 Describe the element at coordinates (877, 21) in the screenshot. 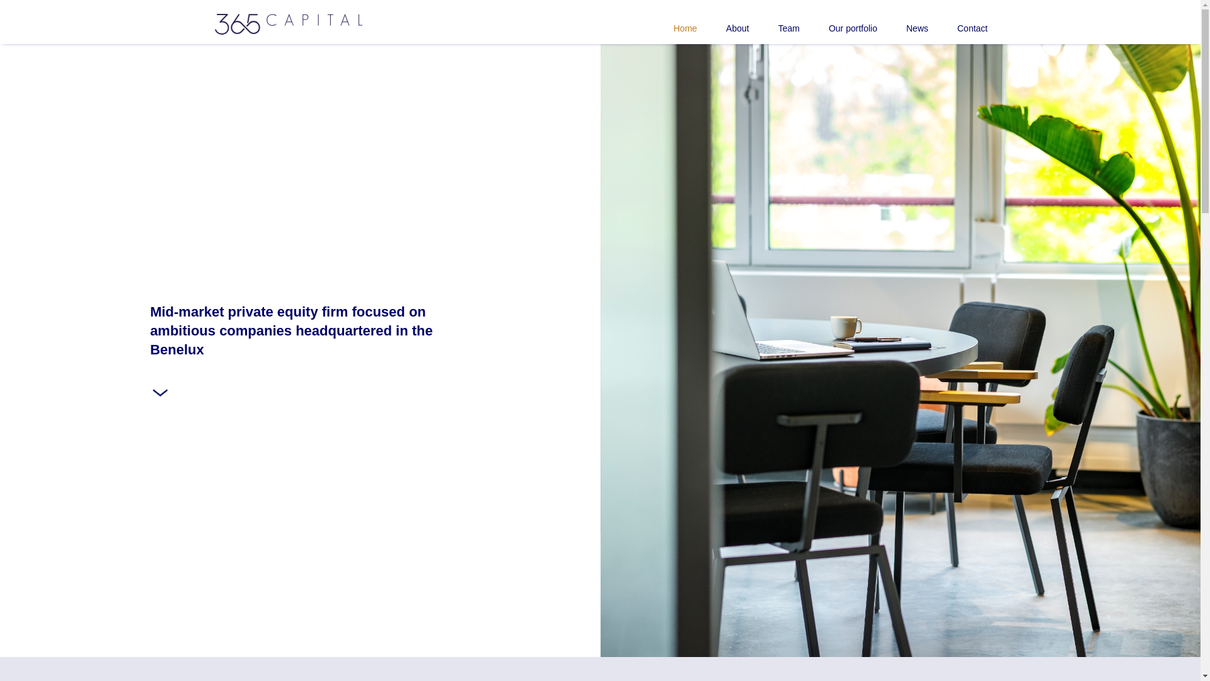

I see `'News'` at that location.